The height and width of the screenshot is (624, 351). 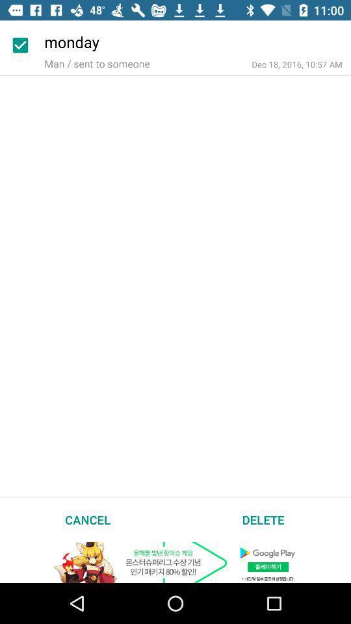 What do you see at coordinates (297, 64) in the screenshot?
I see `the item at the top right corner` at bounding box center [297, 64].